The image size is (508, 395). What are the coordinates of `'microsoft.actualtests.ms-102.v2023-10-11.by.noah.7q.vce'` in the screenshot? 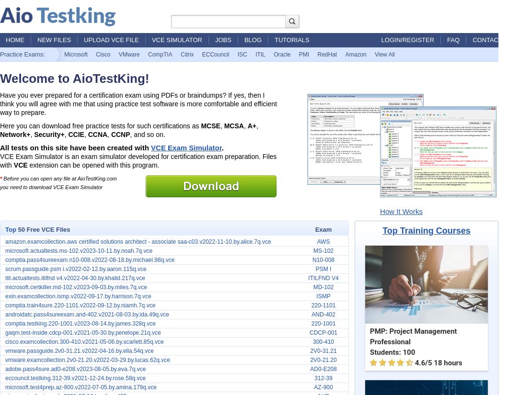 It's located at (5, 250).